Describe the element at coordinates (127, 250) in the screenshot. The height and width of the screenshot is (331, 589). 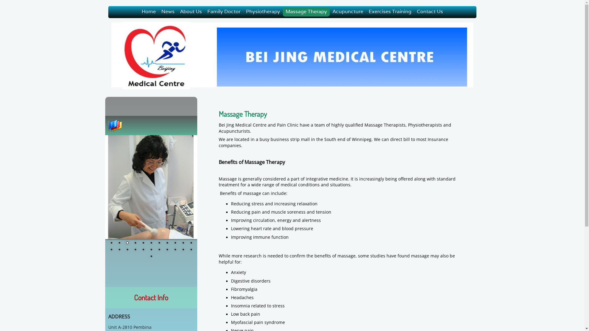
I see `'14'` at that location.